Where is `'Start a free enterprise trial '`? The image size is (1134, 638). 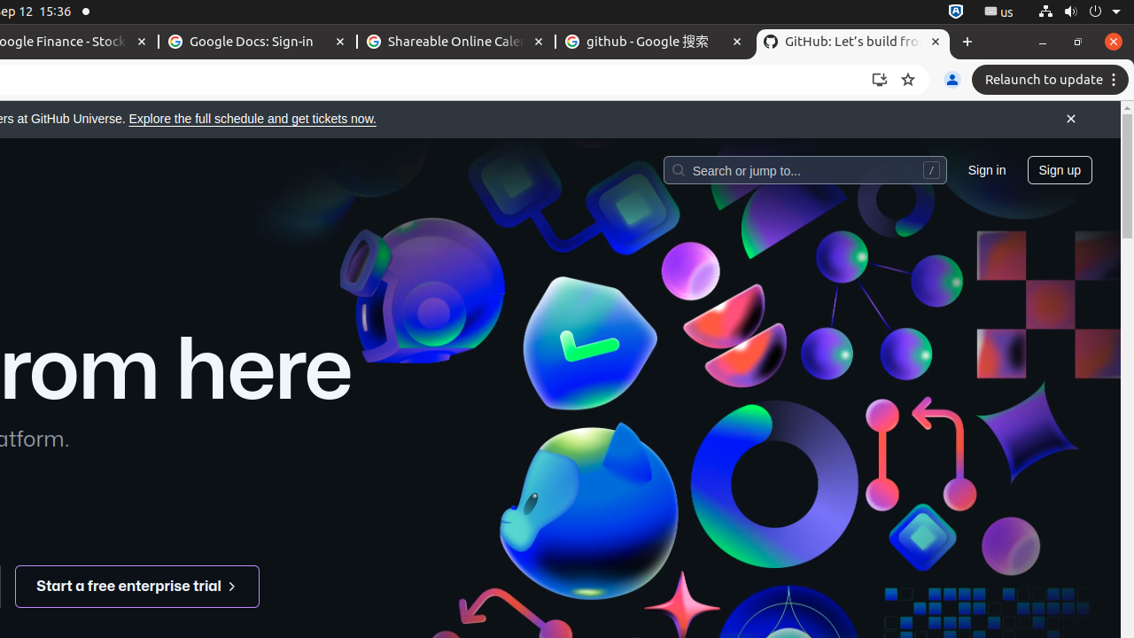
'Start a free enterprise trial ' is located at coordinates (136, 586).